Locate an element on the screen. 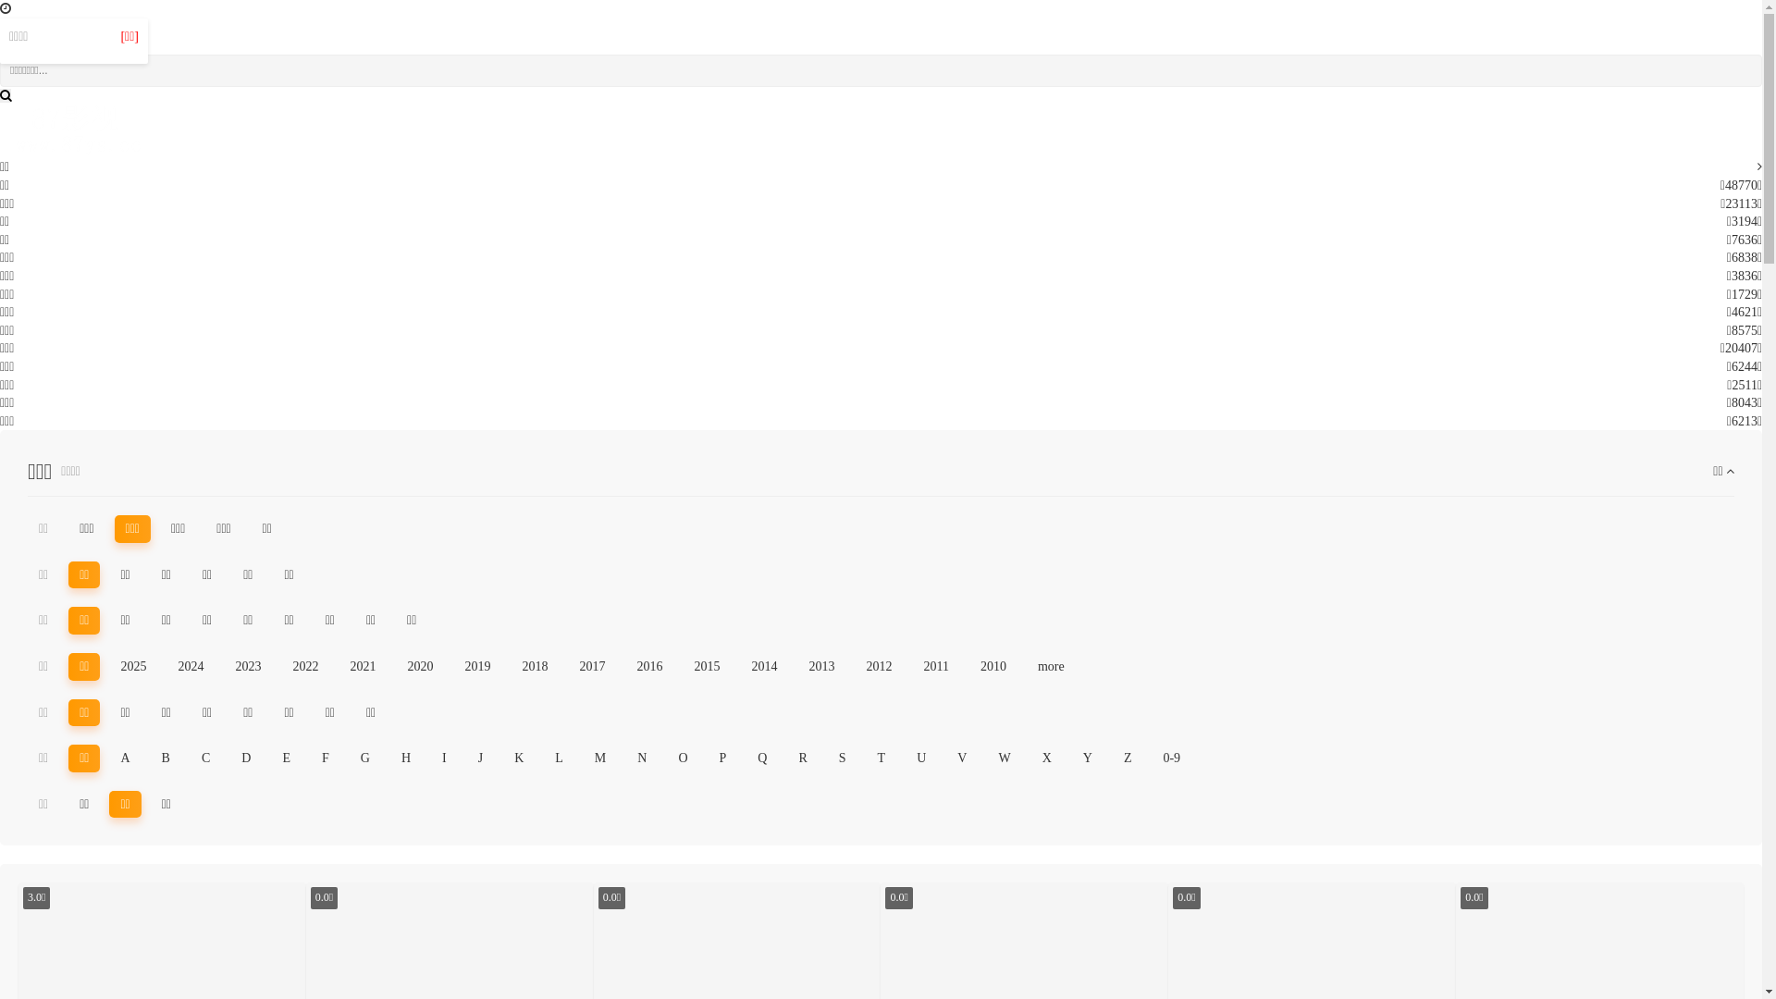  'Z' is located at coordinates (1127, 758).